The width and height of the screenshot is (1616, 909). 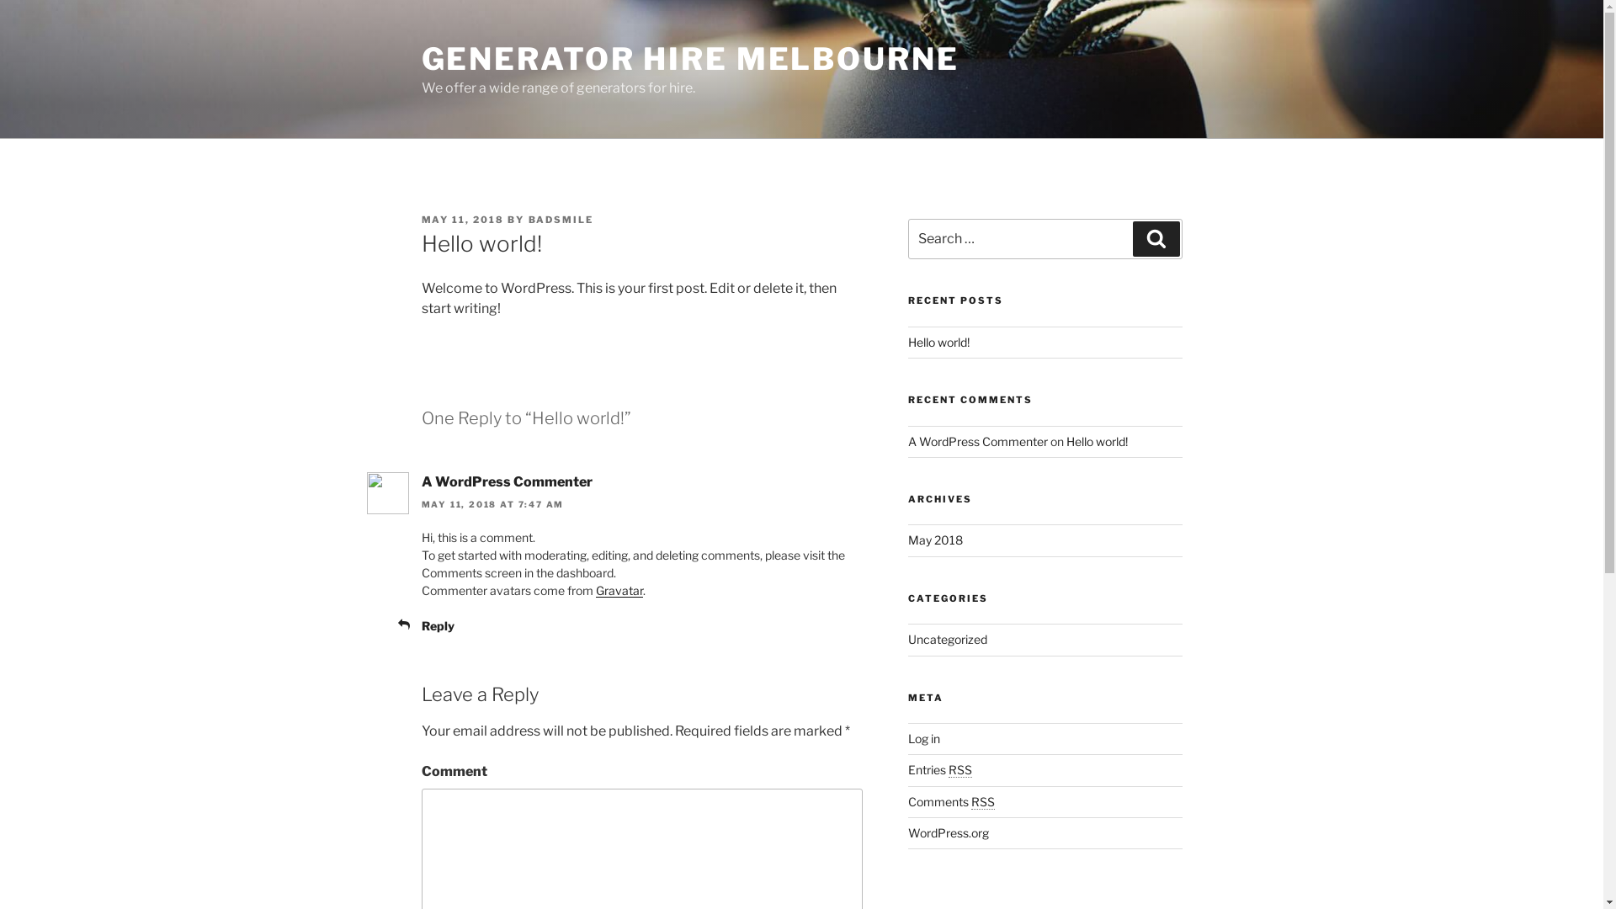 I want to click on 'May 2018', so click(x=934, y=540).